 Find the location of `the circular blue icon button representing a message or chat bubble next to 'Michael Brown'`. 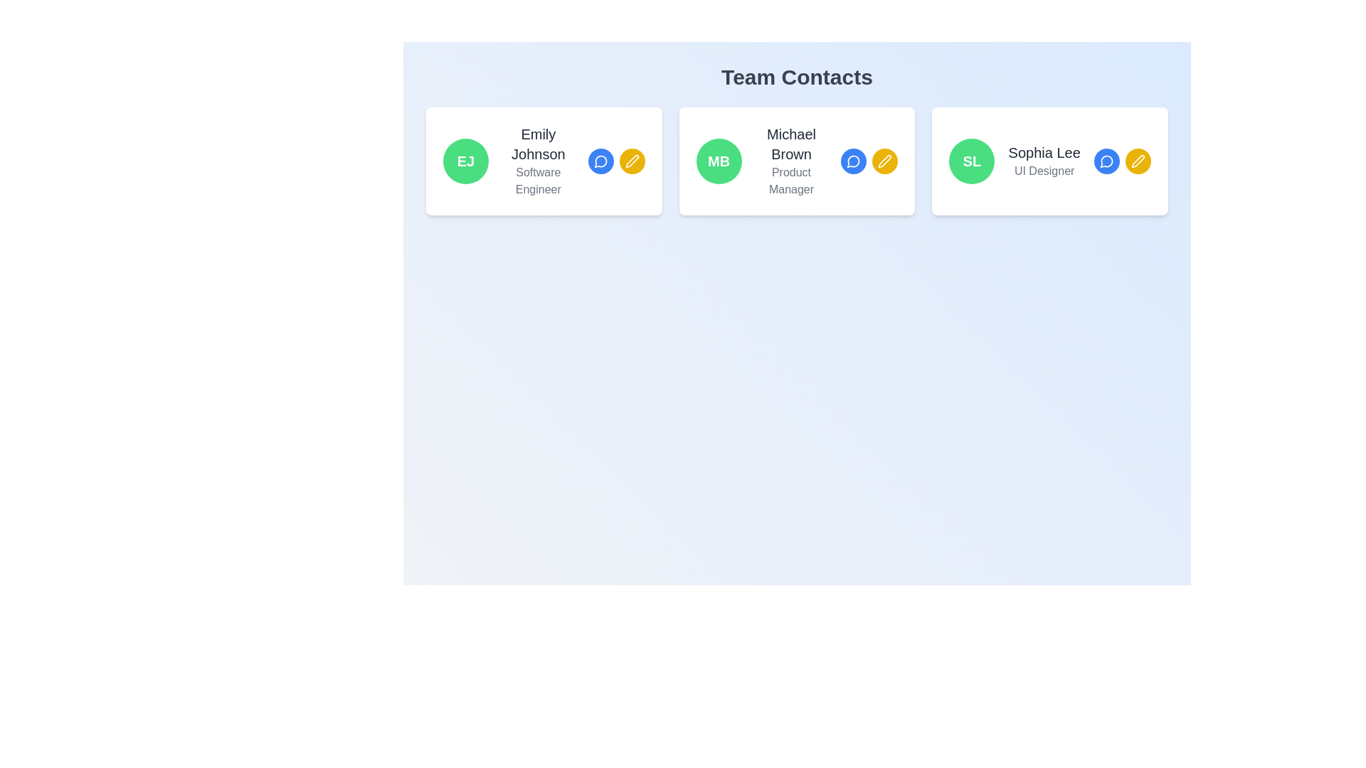

the circular blue icon button representing a message or chat bubble next to 'Michael Brown' is located at coordinates (600, 161).